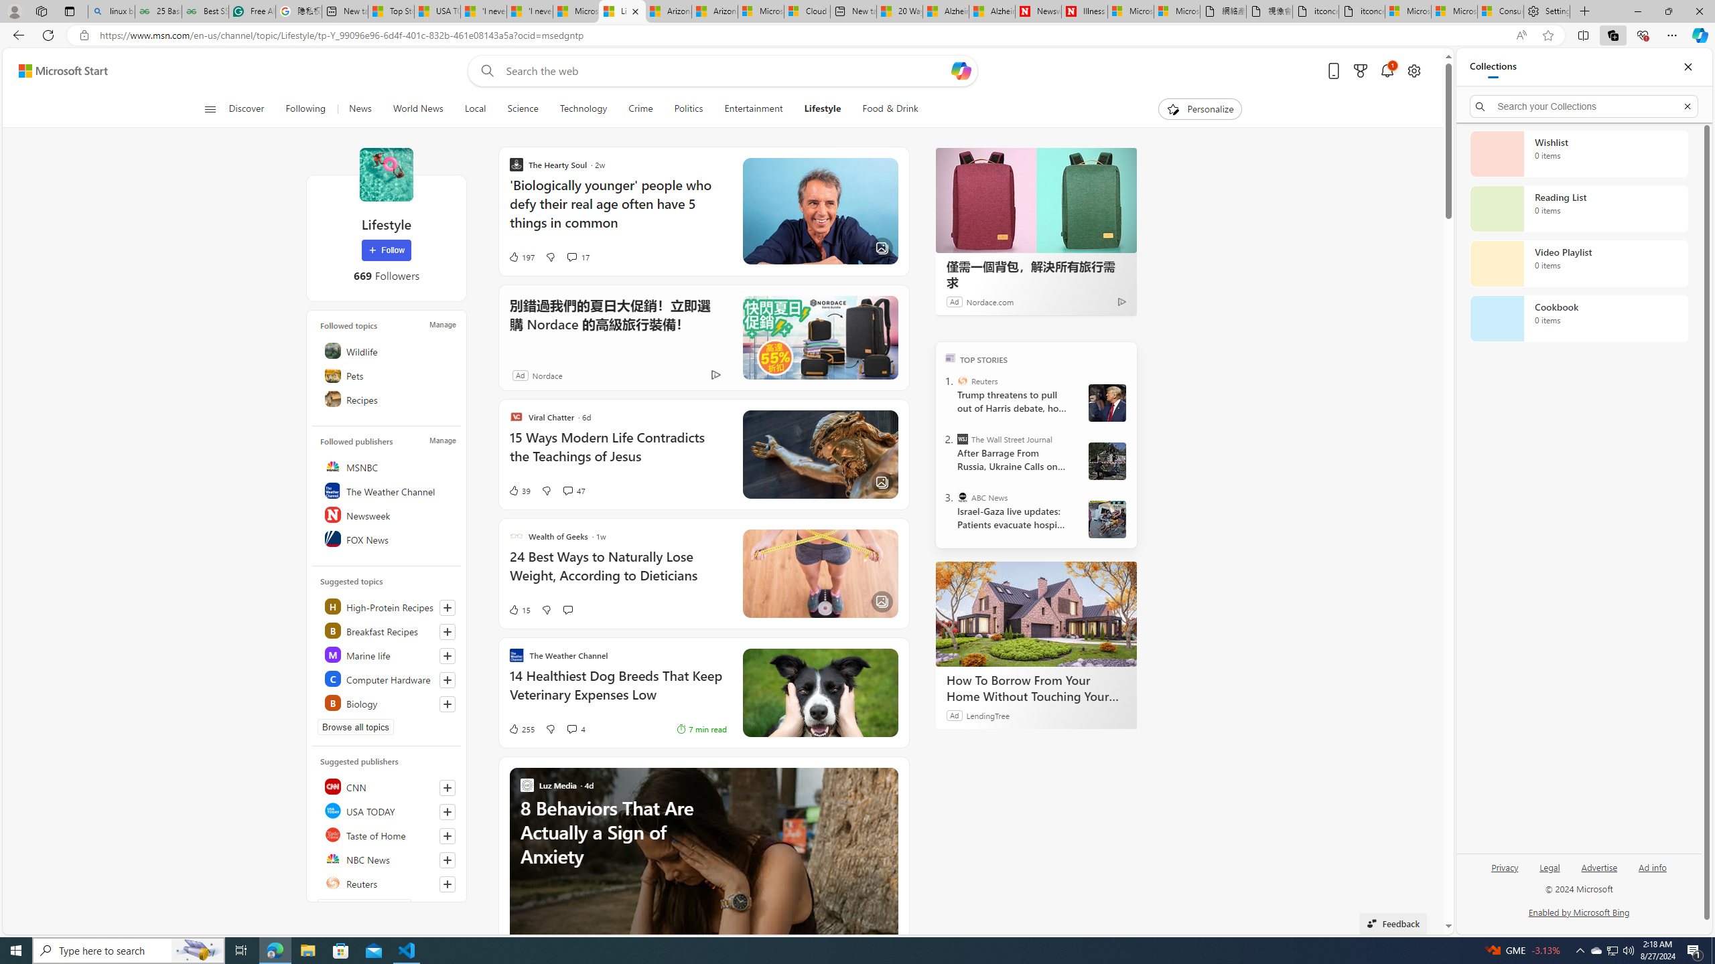 The image size is (1715, 964). Describe the element at coordinates (58, 70) in the screenshot. I see `'Skip to content'` at that location.